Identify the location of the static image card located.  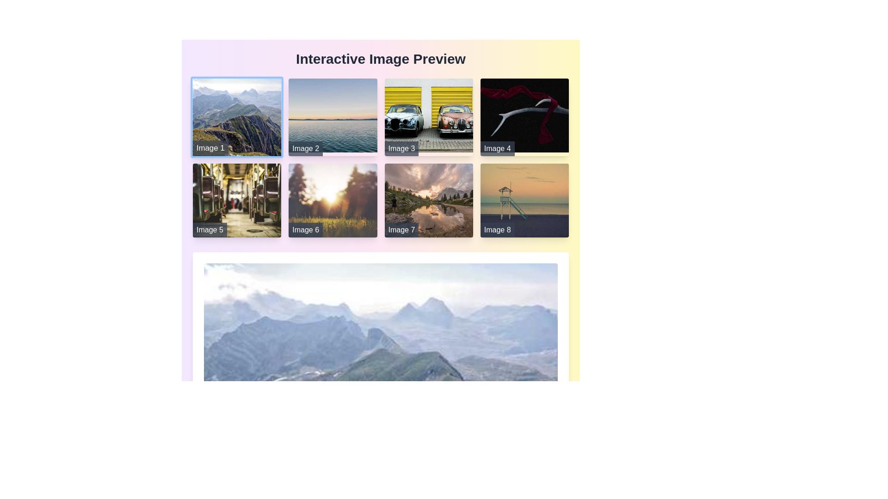
(237, 200).